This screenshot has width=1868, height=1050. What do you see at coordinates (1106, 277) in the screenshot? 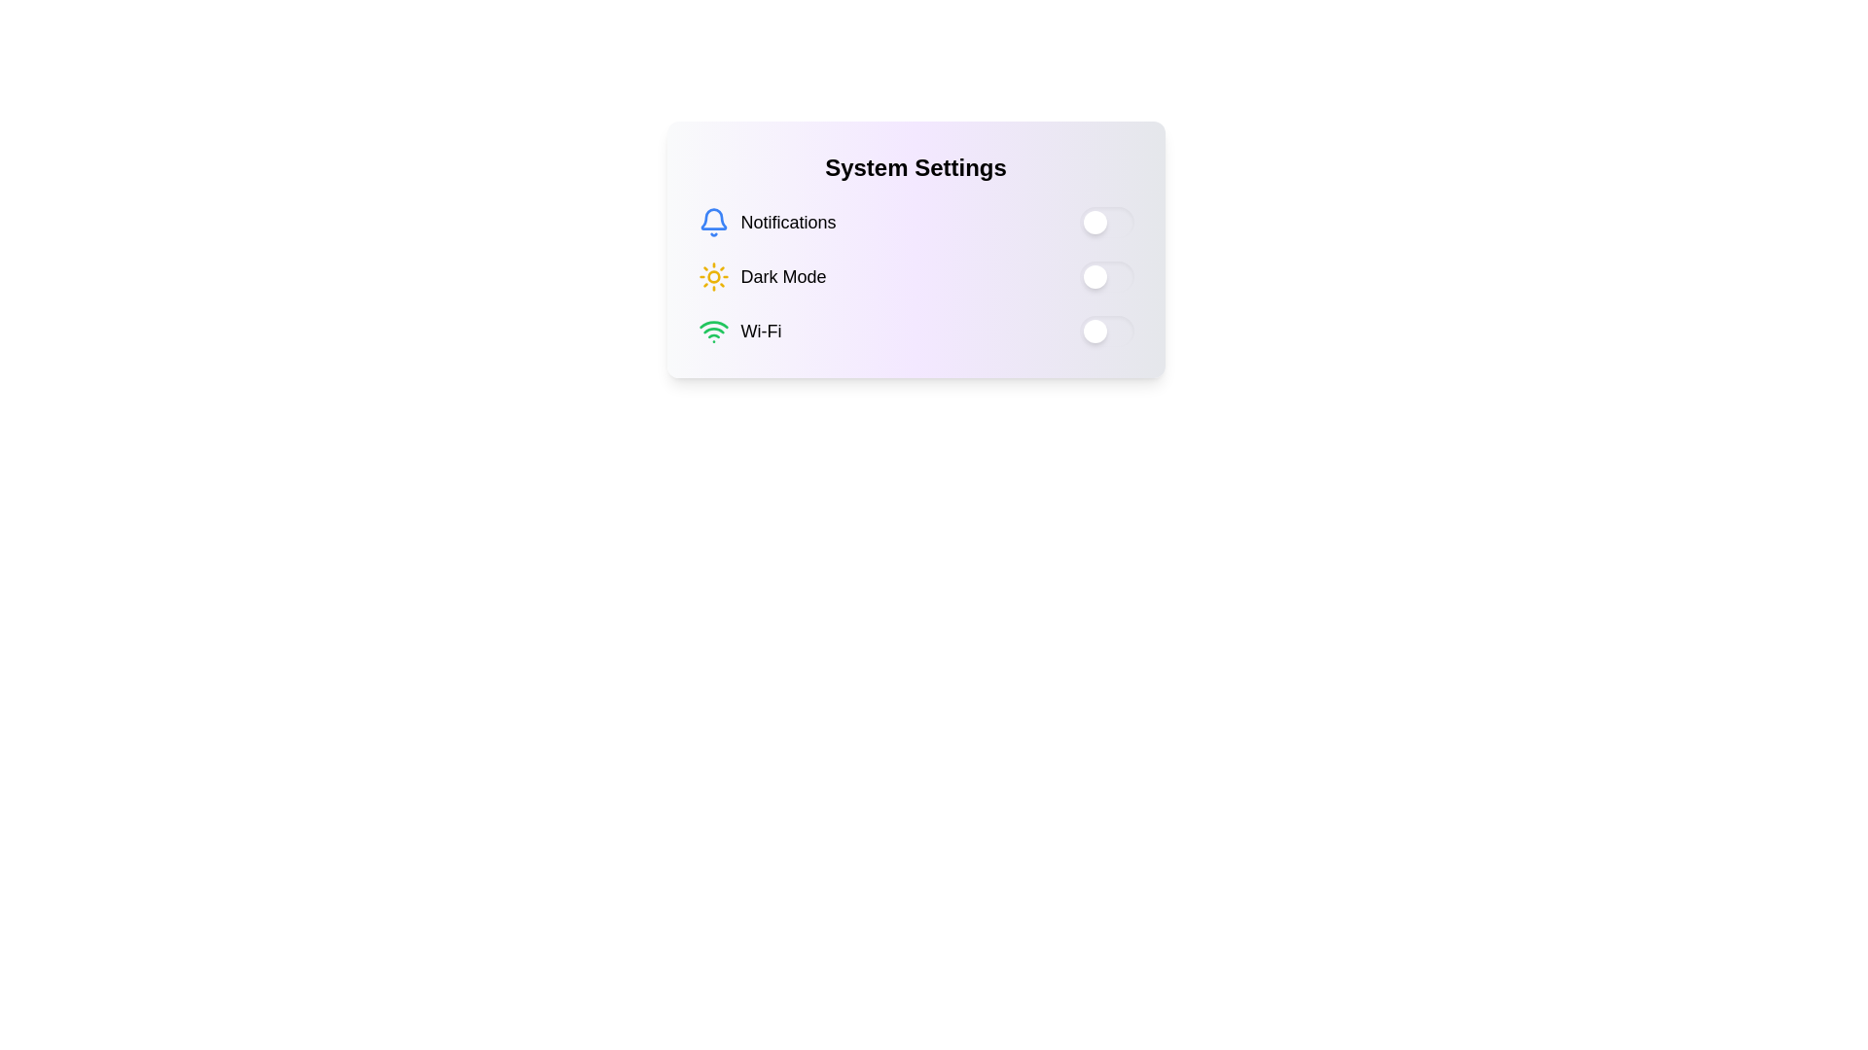
I see `the toggle switch with a circular white handle on a yellow background located in the right section of the 'Dark Mode' row in the 'System Settings' panel` at bounding box center [1106, 277].